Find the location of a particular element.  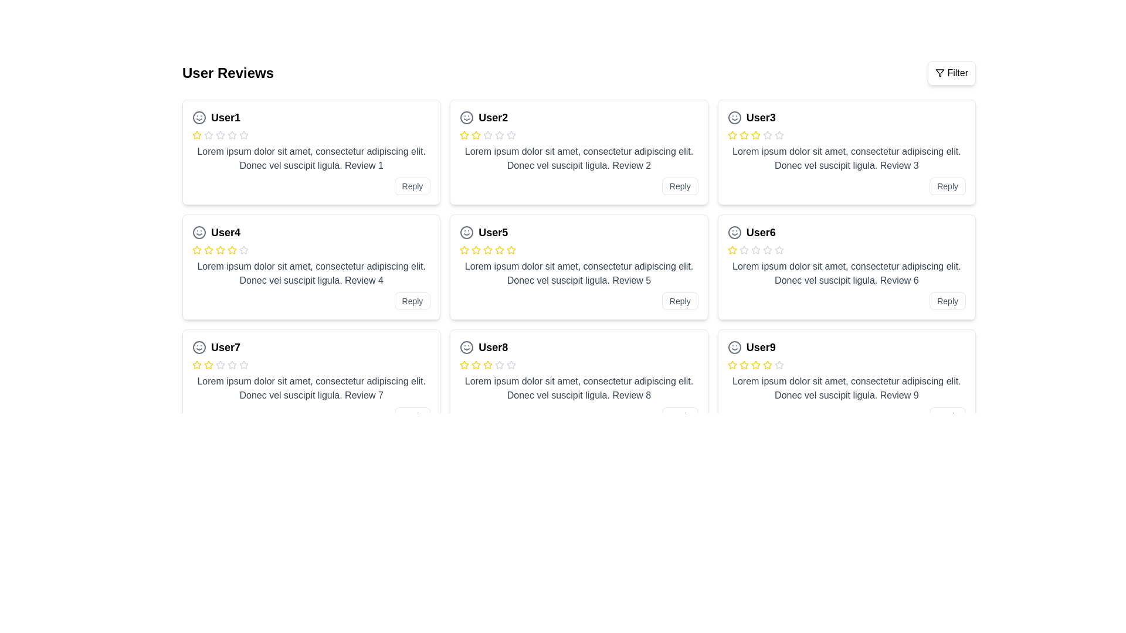

the third star icon in the rating input for the card titled 'User5' is located at coordinates (476, 250).